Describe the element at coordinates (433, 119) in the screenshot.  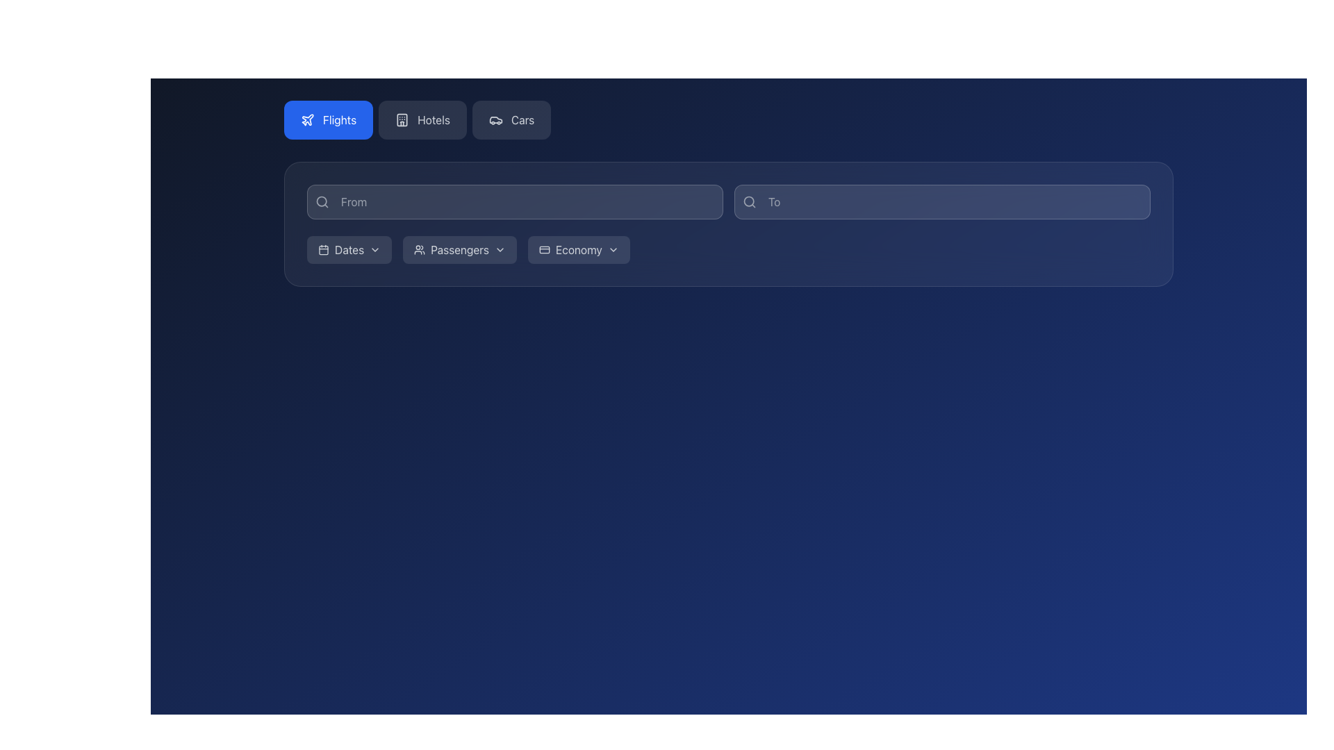
I see `the 'Hotels' option, which is a gray textual label embedded within a button located at the top section of the interface, centered among three menu buttons` at that location.